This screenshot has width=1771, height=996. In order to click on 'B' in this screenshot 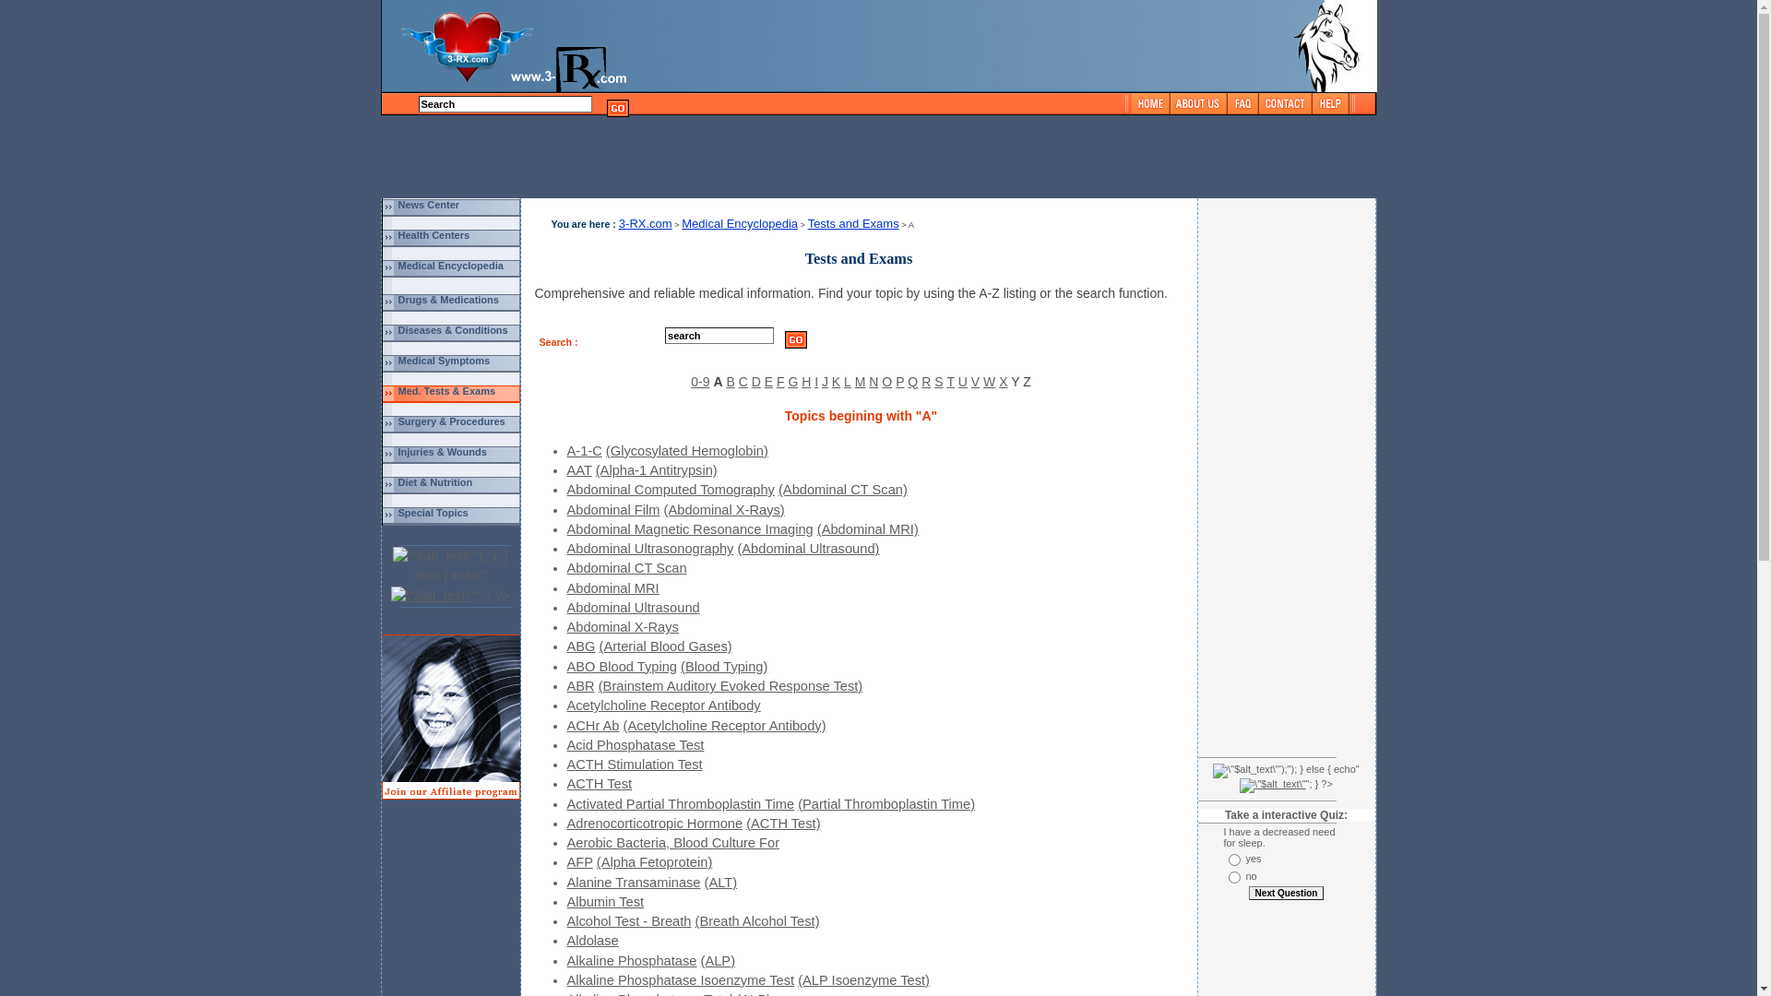, I will do `click(729, 380)`.